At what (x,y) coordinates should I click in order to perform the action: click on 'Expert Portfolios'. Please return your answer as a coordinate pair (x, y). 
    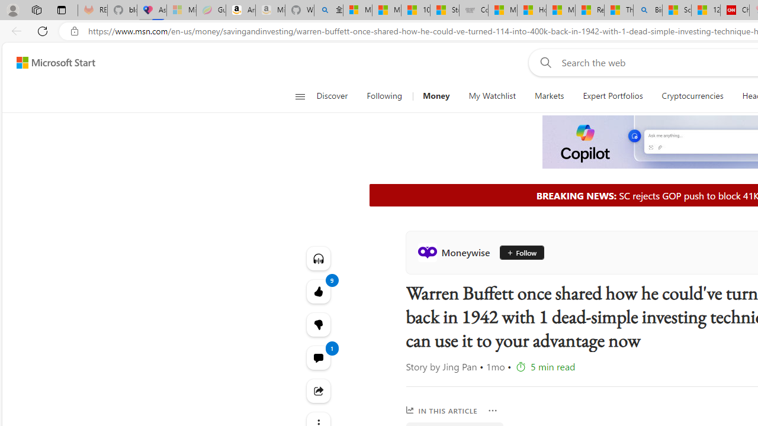
    Looking at the image, I should click on (612, 96).